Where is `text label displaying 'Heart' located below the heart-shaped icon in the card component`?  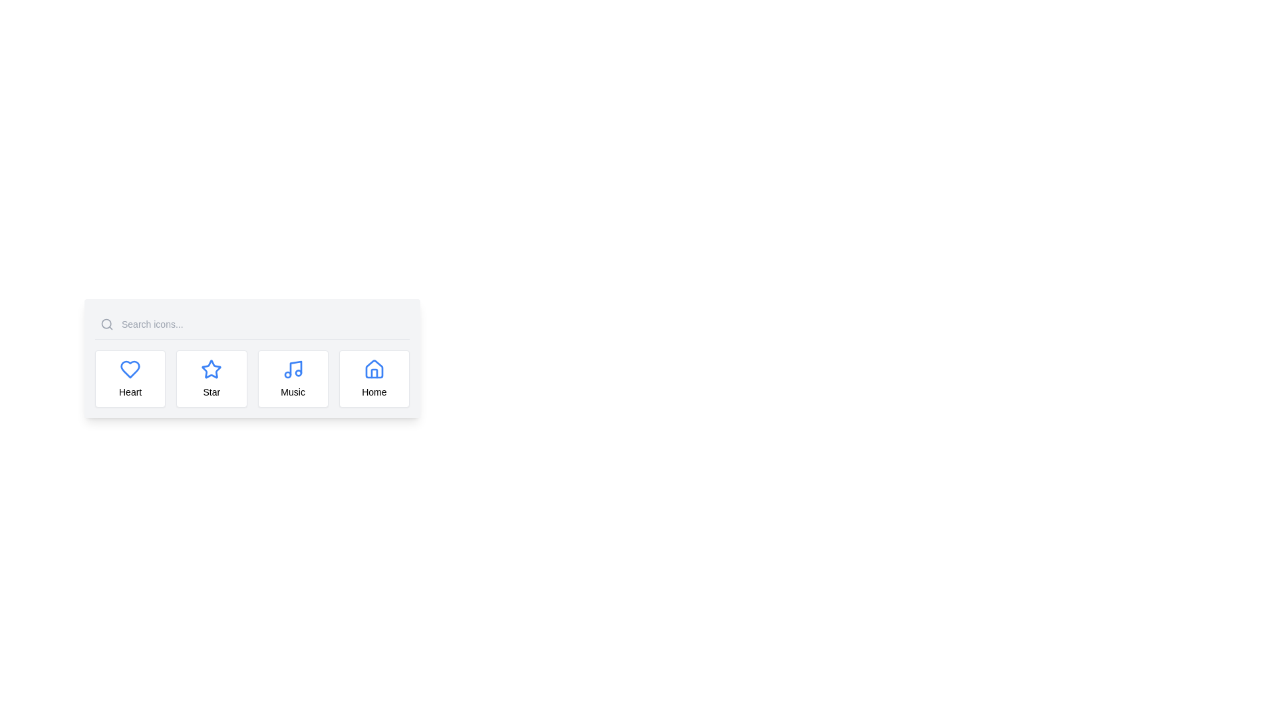
text label displaying 'Heart' located below the heart-shaped icon in the card component is located at coordinates (130, 392).